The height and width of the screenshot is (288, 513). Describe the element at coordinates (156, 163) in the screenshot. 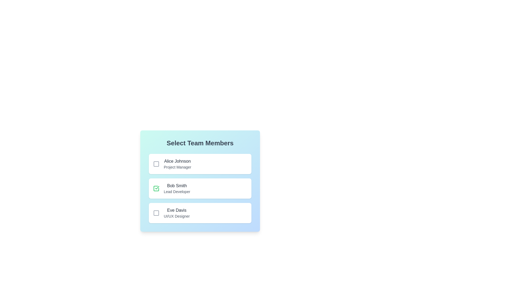

I see `the checkbox located to the left of the text 'Alice Johnson' on the first row of the team member cards` at that location.